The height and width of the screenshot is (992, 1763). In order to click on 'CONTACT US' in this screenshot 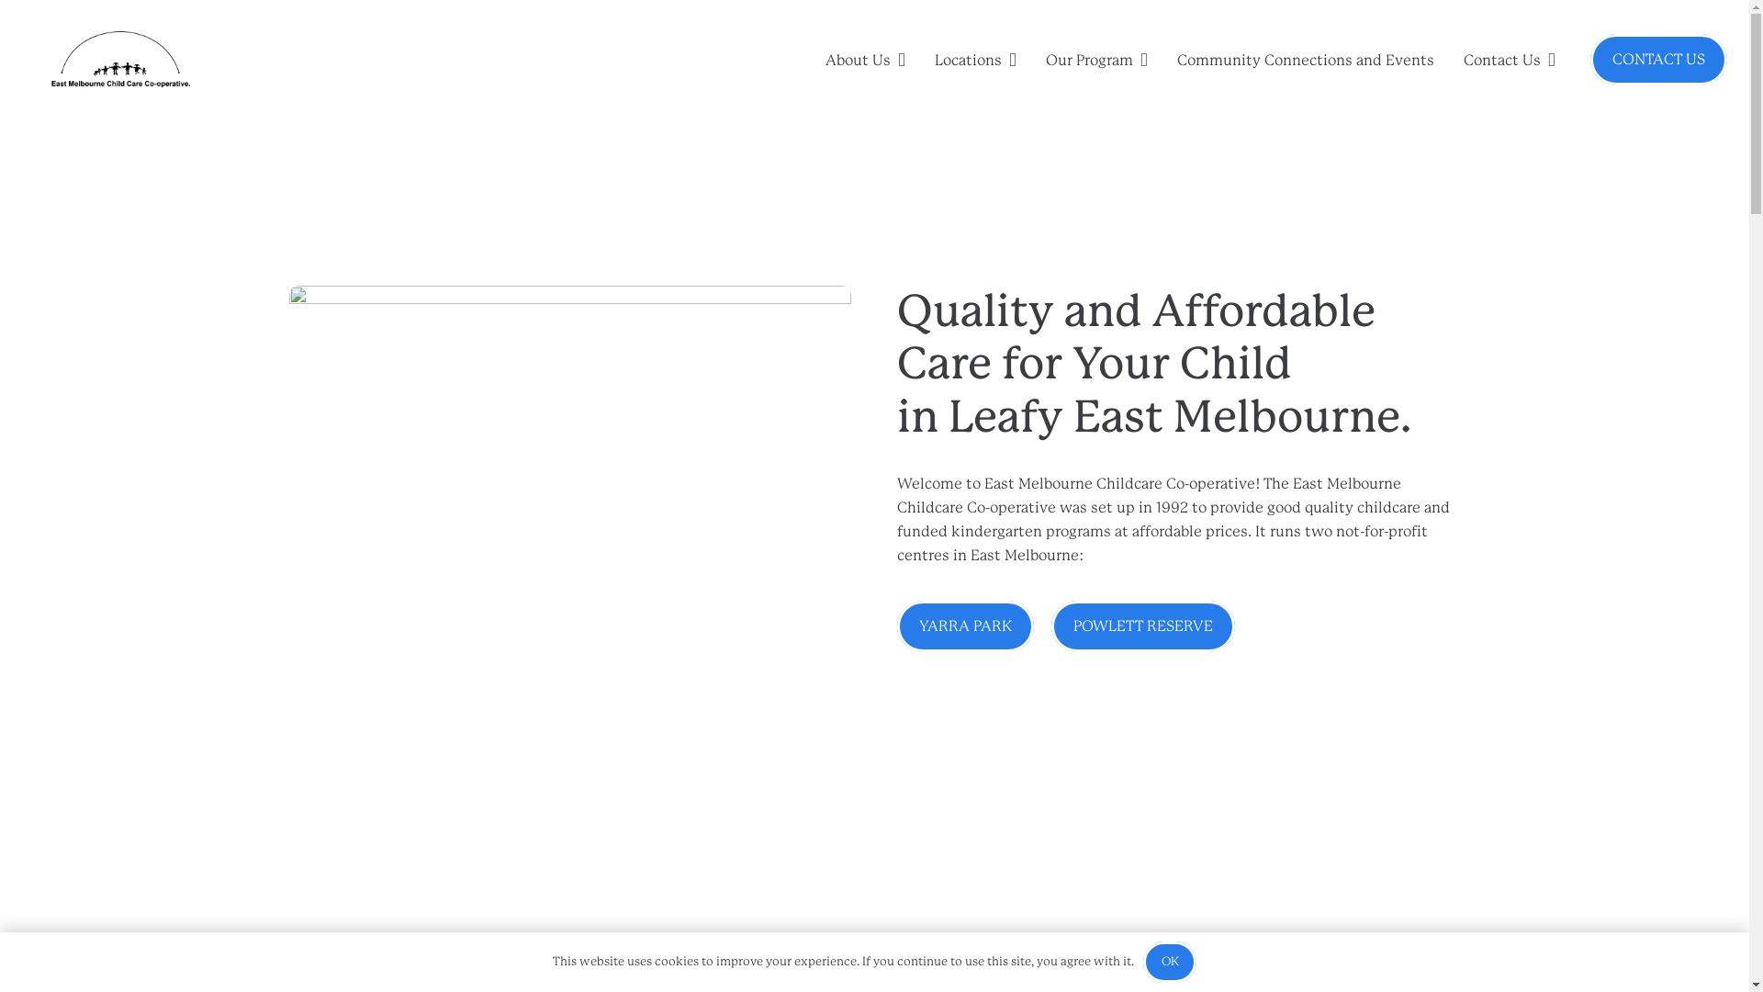, I will do `click(1658, 59)`.